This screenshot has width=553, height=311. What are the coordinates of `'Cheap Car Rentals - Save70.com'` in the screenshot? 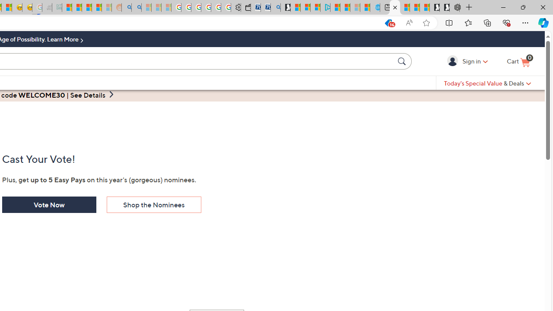 It's located at (265, 7).